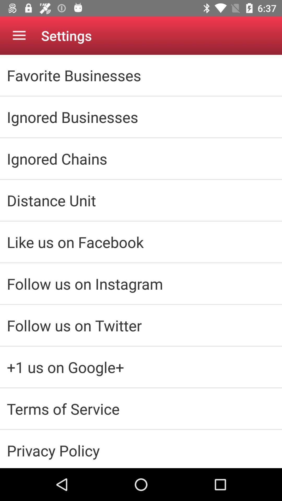 The image size is (282, 501). I want to click on ignored chains icon, so click(141, 158).